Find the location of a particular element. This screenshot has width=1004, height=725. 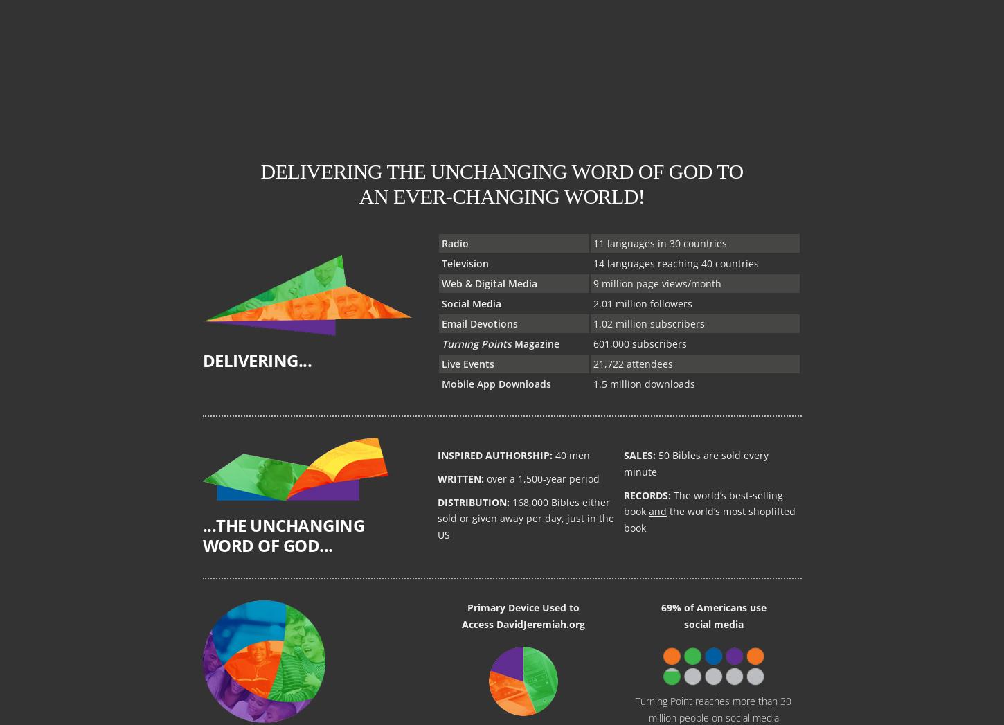

'WRITTEN:' is located at coordinates (459, 477).